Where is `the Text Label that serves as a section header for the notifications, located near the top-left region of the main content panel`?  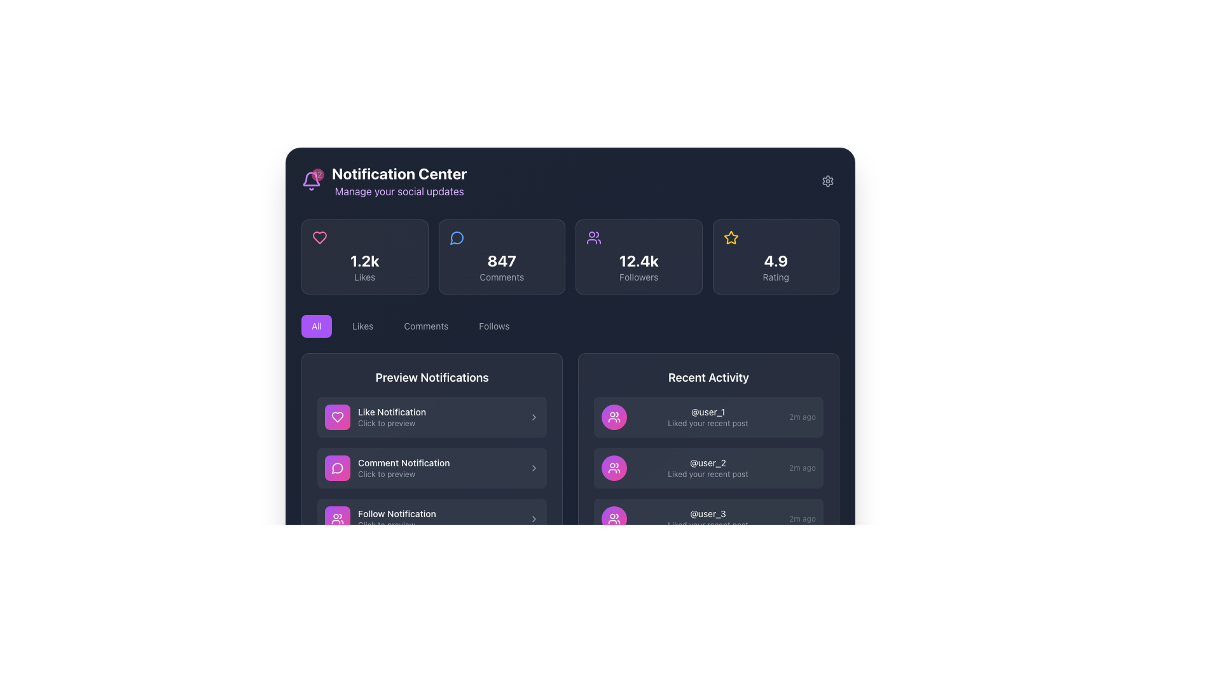 the Text Label that serves as a section header for the notifications, located near the top-left region of the main content panel is located at coordinates (432, 377).